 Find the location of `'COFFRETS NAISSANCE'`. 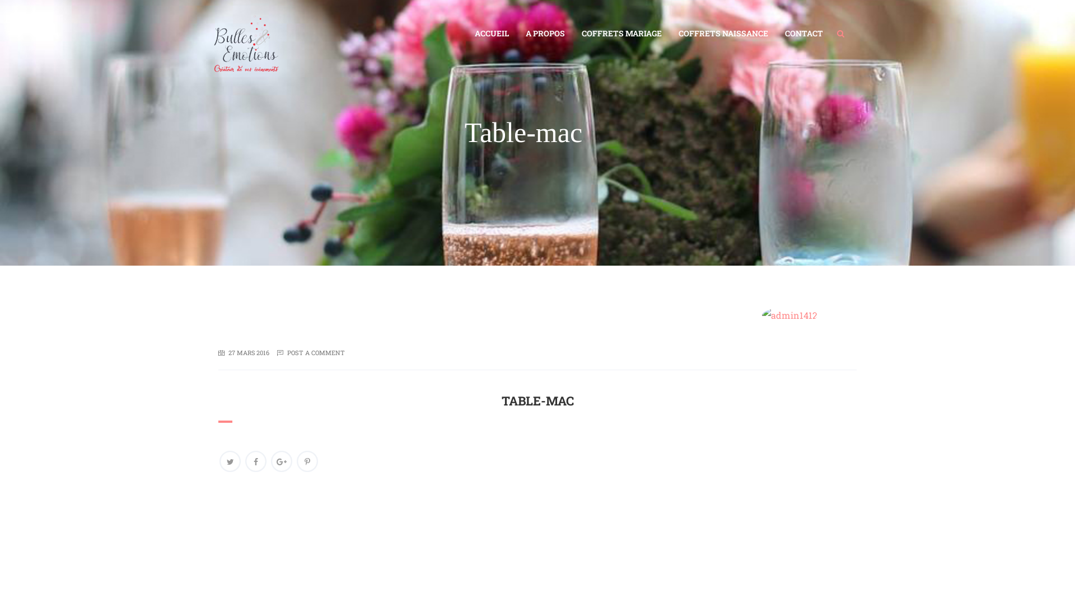

'COFFRETS NAISSANCE' is located at coordinates (723, 33).